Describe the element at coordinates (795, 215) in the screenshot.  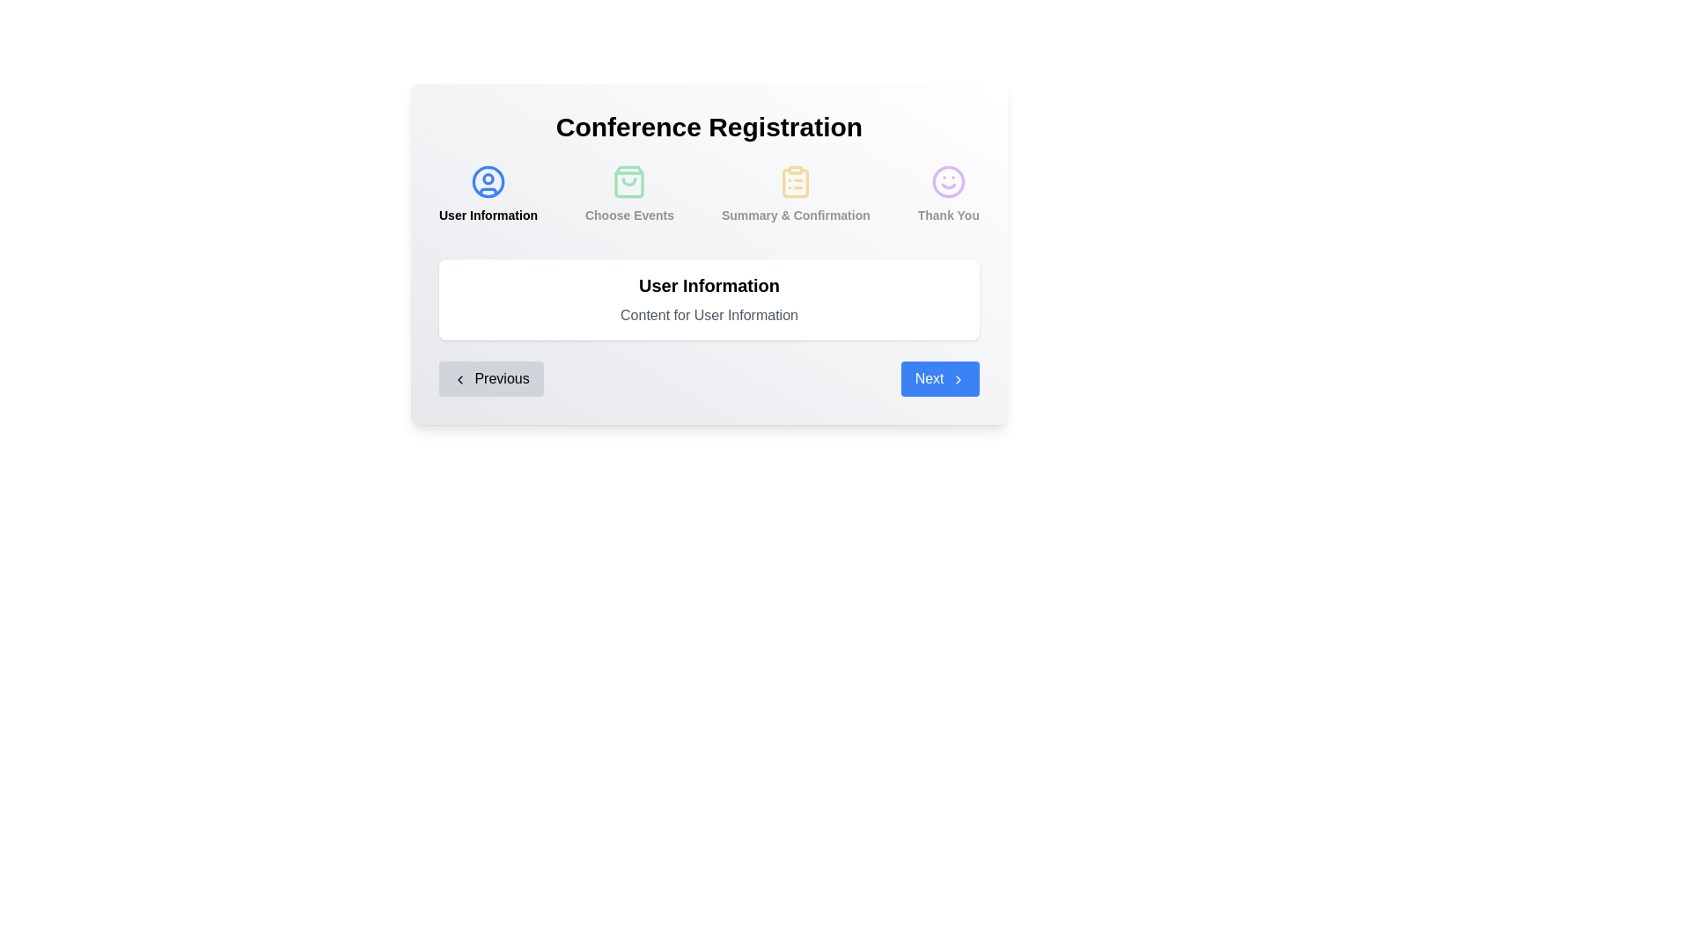
I see `the text label that says 'Summary & Confirmation', which is the third item from the left in the top center of the interface, located beneath a clipboard icon` at that location.